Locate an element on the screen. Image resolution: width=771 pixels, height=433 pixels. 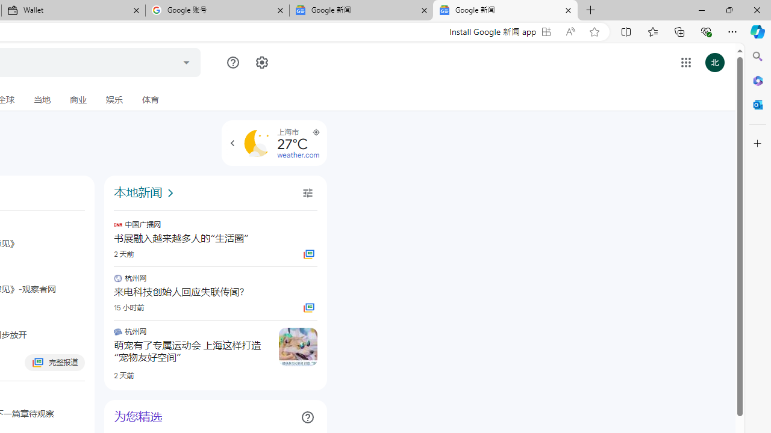
'Class:  NMm5M hhikbc' is located at coordinates (233, 142).